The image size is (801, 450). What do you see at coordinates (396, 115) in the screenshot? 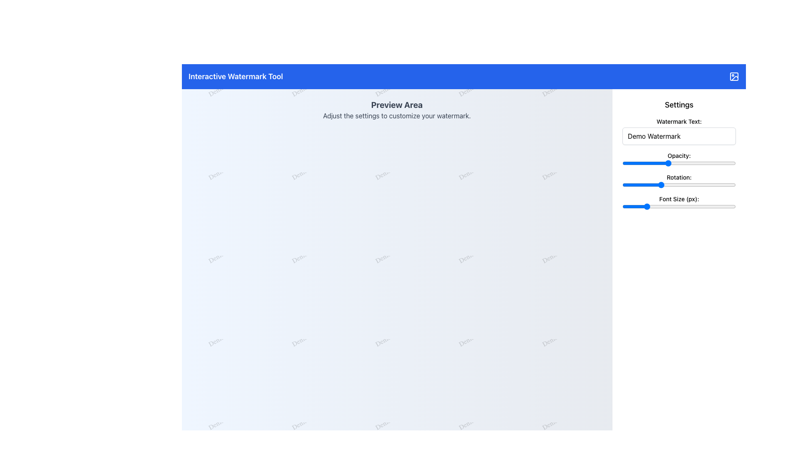
I see `the text label that provides instructions for customizing the watermark settings, located below the 'Preview Area' bold text` at bounding box center [396, 115].